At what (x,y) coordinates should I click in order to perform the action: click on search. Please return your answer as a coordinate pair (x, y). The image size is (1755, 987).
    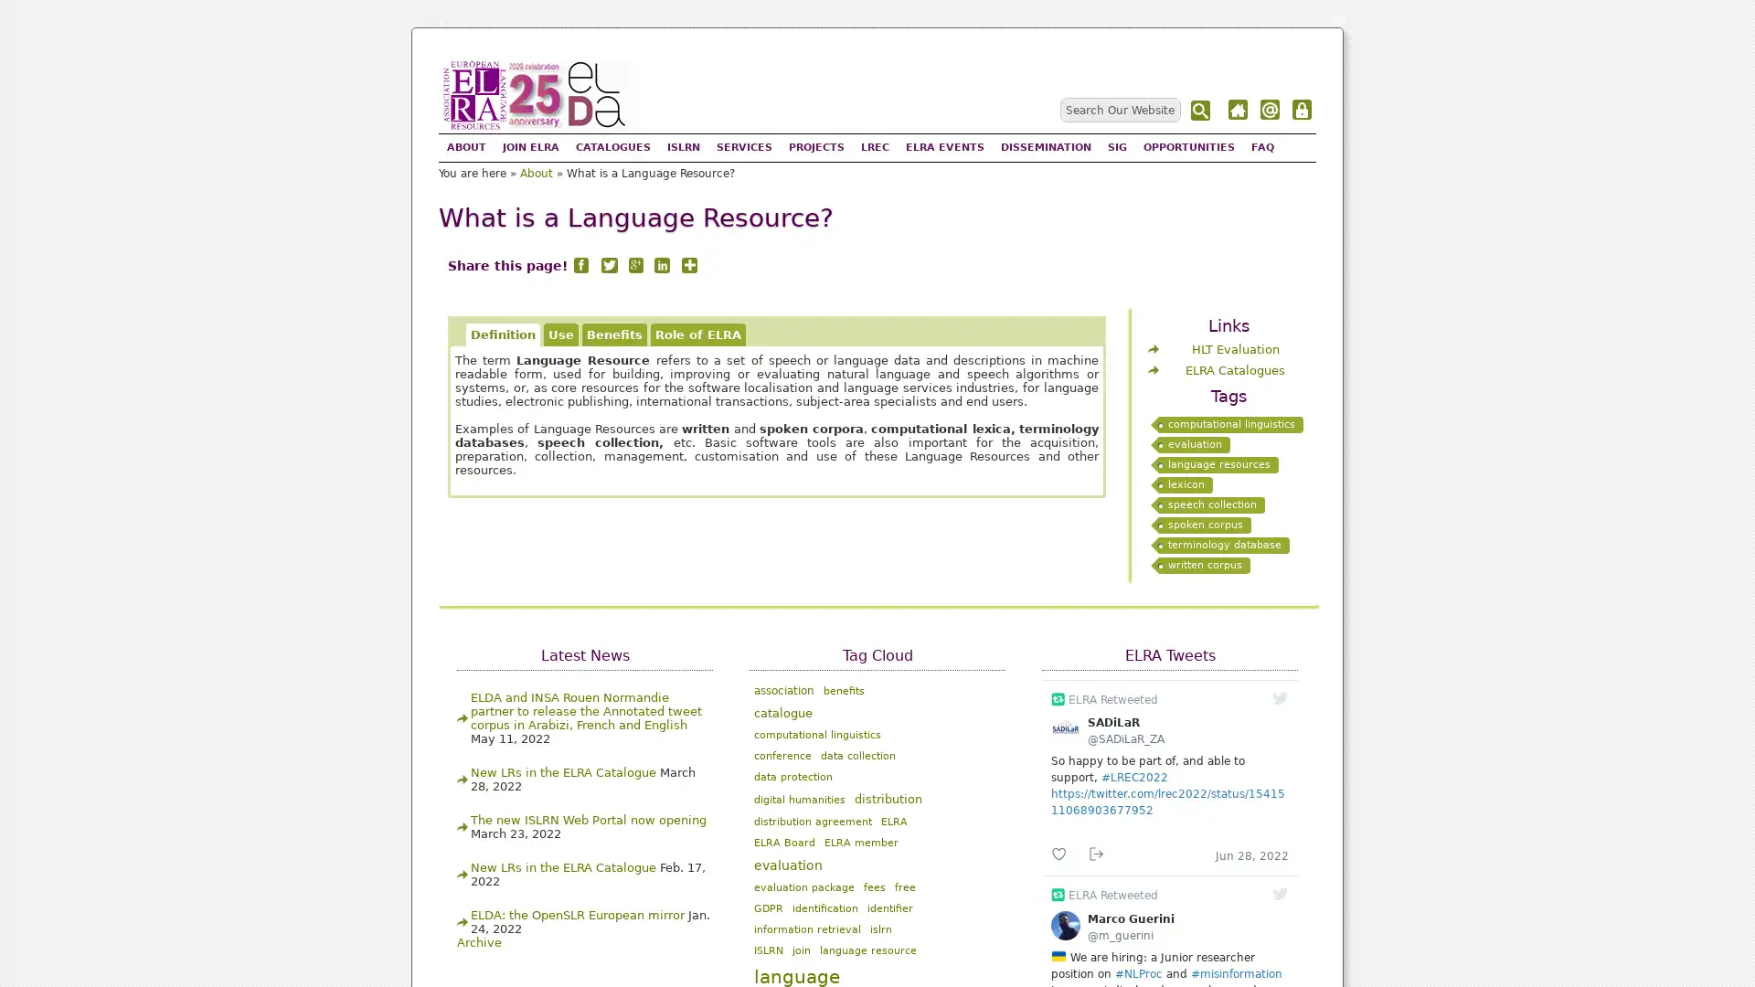
    Looking at the image, I should click on (1202, 111).